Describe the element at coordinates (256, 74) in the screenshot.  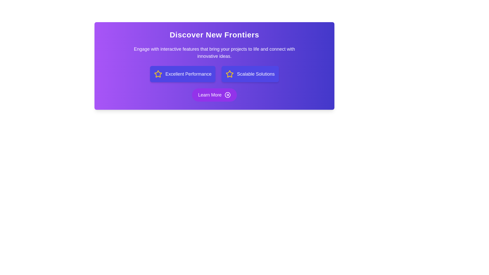
I see `the text label 'Scalable Solutions', which is styled in white and positioned on a blue gradient background, located to the right of a yellow star icon` at that location.